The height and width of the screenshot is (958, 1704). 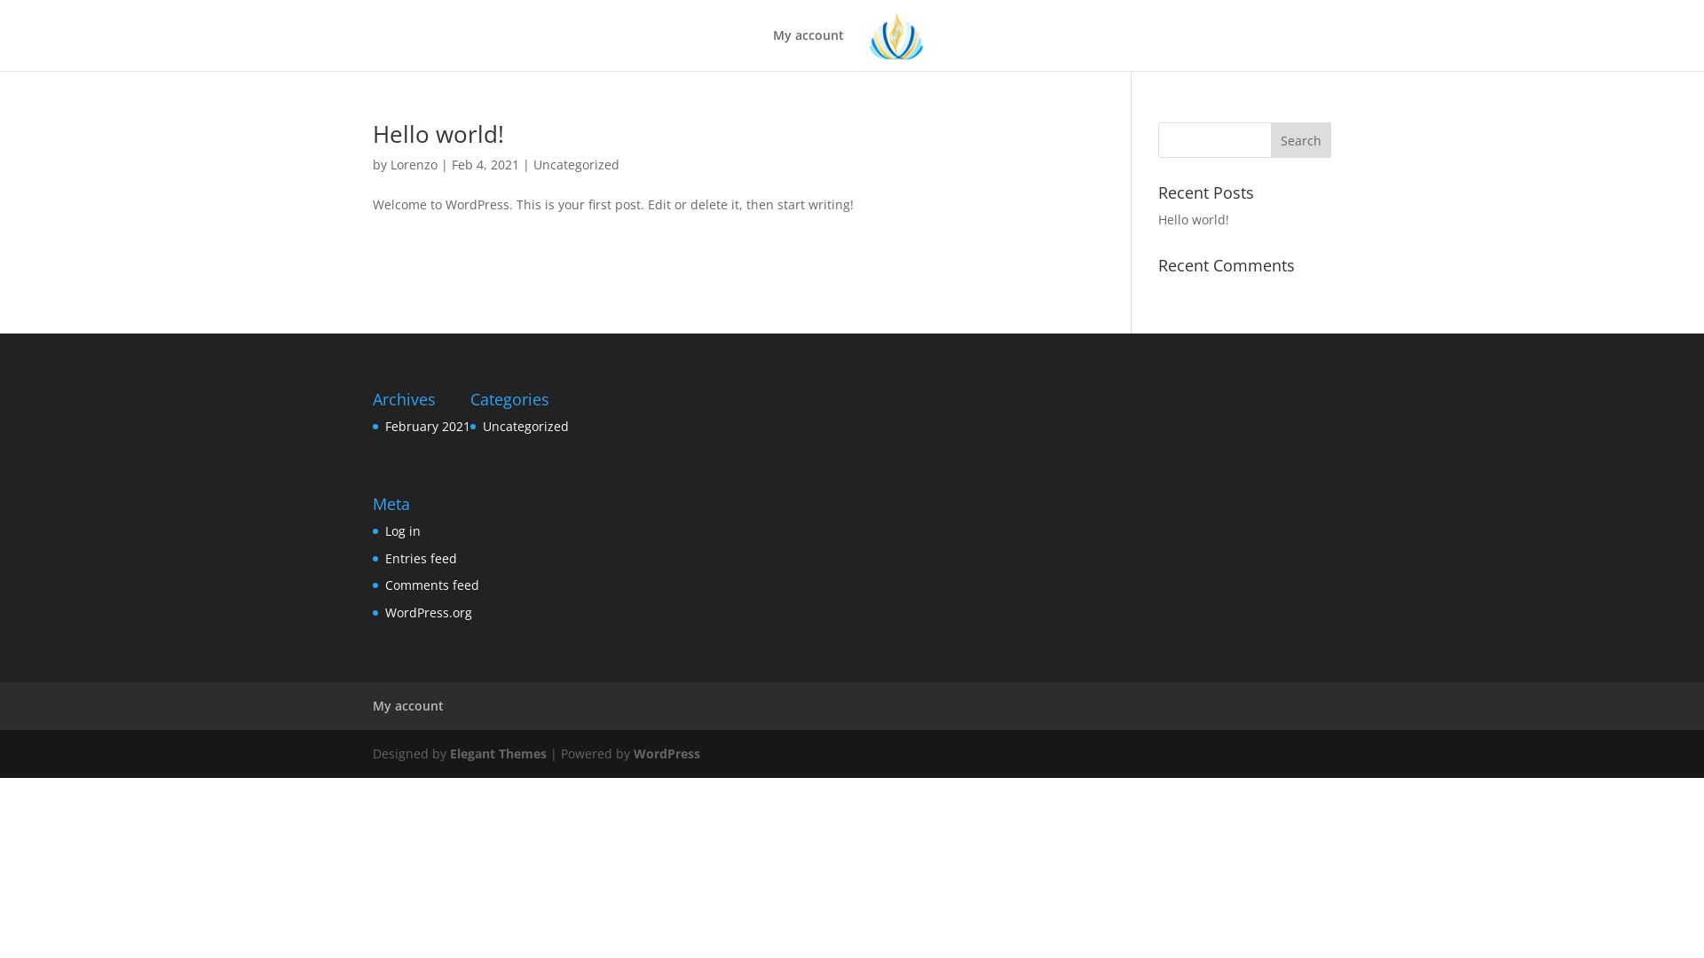 What do you see at coordinates (808, 49) in the screenshot?
I see `'My account'` at bounding box center [808, 49].